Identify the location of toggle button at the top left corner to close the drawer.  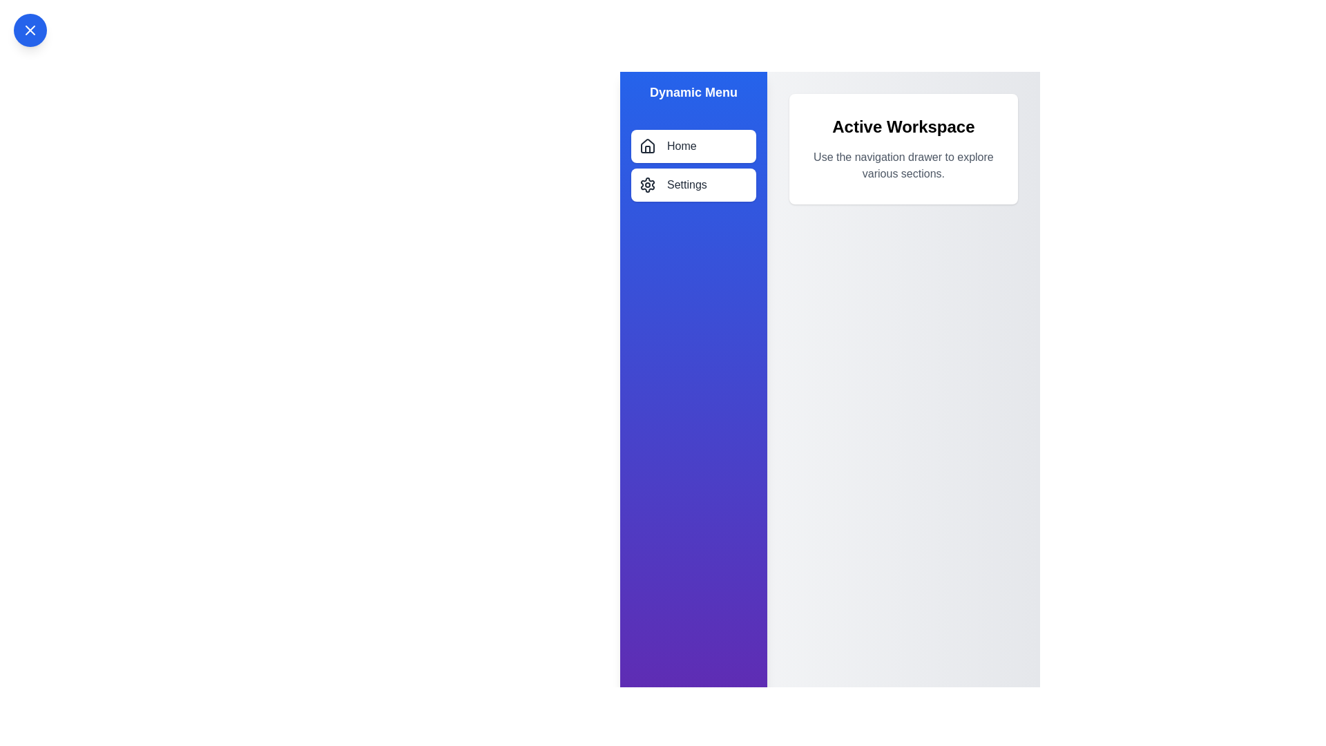
(30, 30).